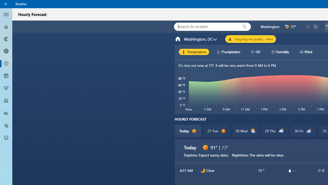 The width and height of the screenshot is (328, 185). I want to click on 'Send Feedback - Not Selected', so click(6, 137).